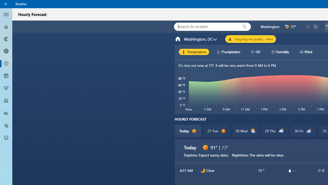 The width and height of the screenshot is (328, 185). I want to click on 'Send Feedback - Not Selected', so click(6, 137).